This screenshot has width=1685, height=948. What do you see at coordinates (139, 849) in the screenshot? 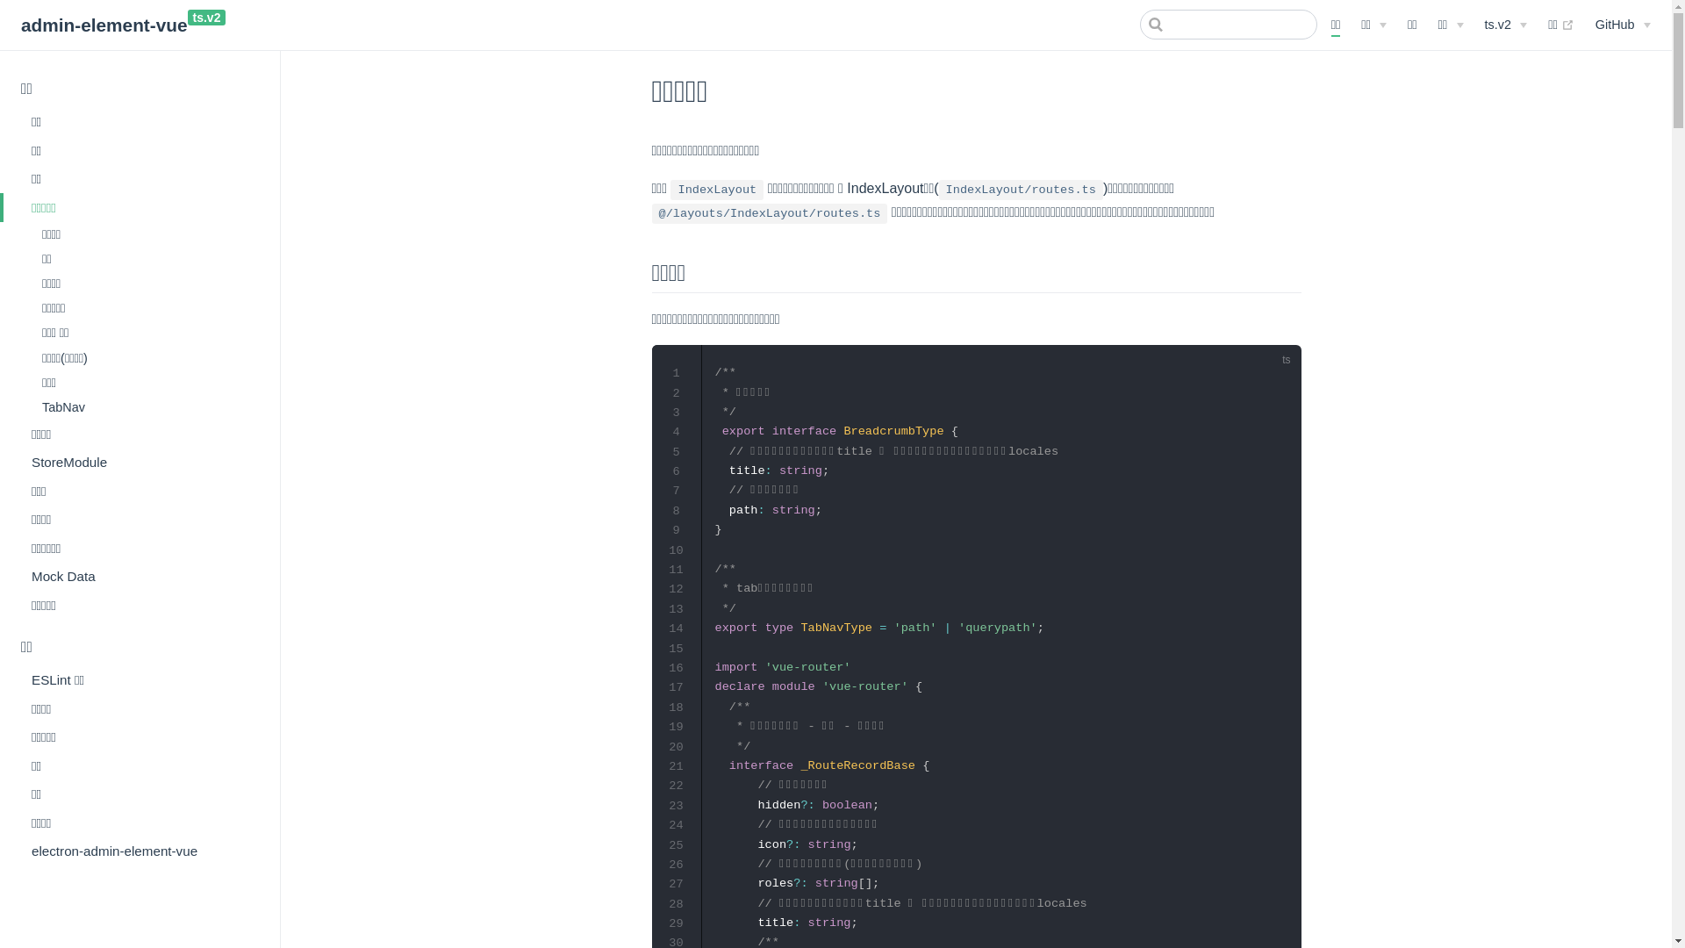
I see `'electron-admin-element-vue'` at bounding box center [139, 849].